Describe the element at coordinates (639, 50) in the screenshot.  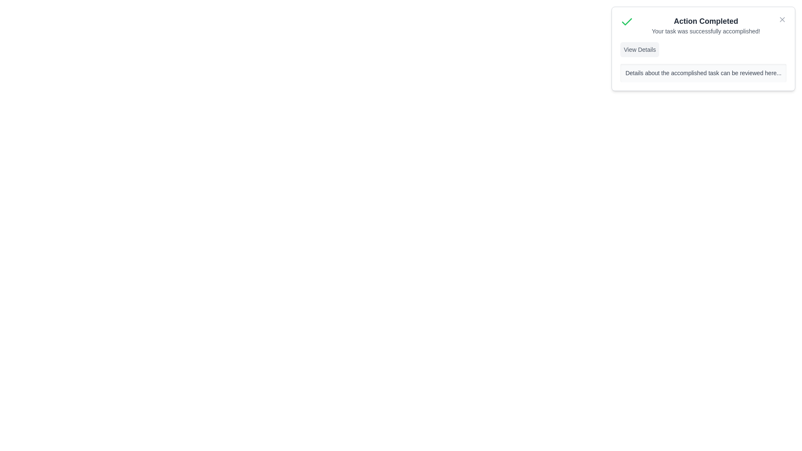
I see `'View Details' button to toggle the visibility of the details section` at that location.